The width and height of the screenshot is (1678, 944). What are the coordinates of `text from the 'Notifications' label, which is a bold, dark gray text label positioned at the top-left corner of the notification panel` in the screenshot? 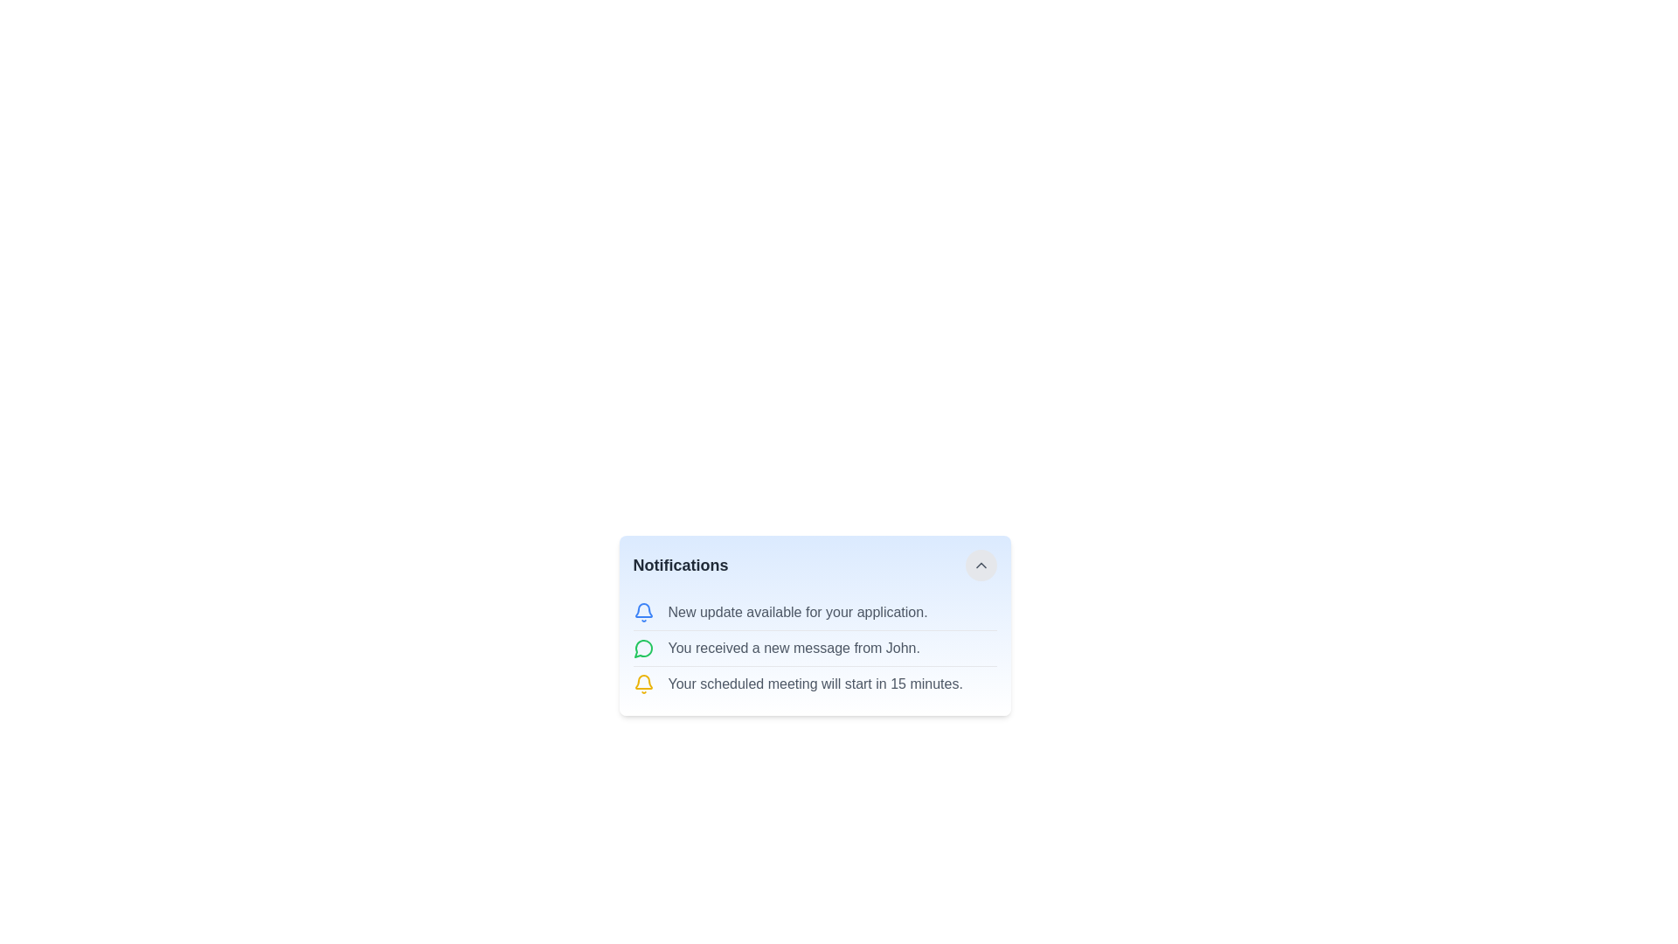 It's located at (679, 566).